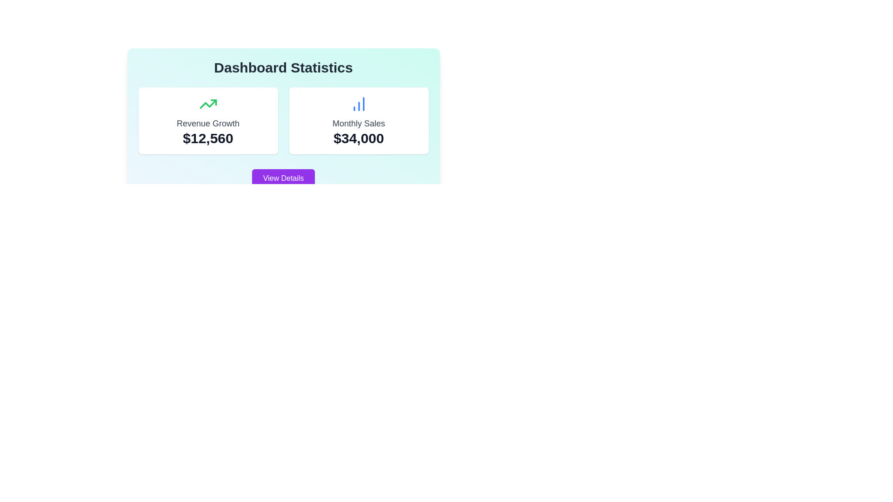  I want to click on the 'View Details' button, which is a rectangular button with a purple background and white text, located at the bottom of the statistics section, so click(283, 178).